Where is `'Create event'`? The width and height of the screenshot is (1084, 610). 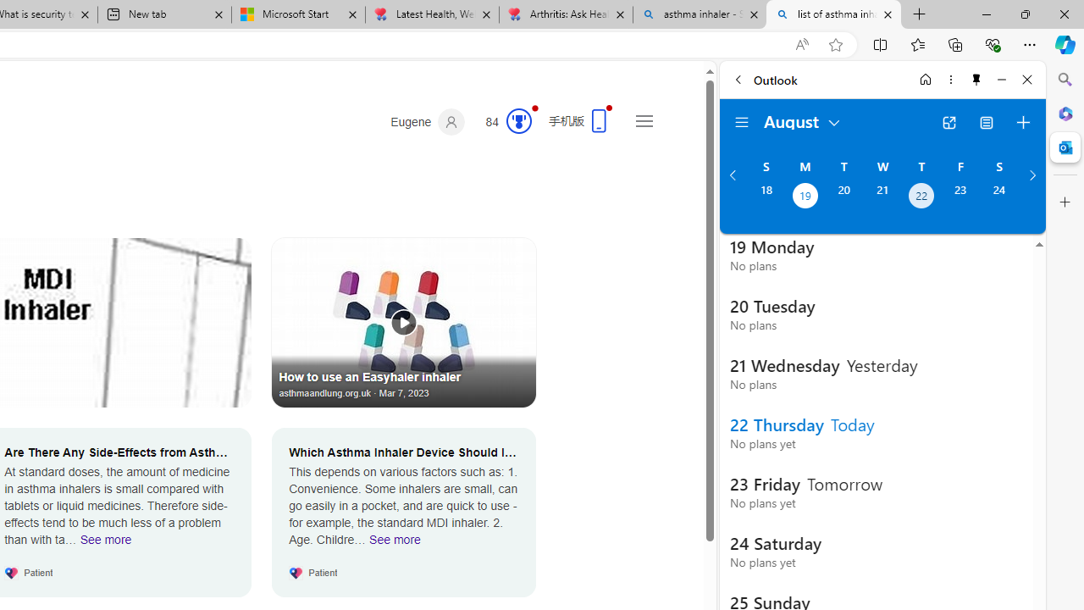 'Create event' is located at coordinates (1022, 122).